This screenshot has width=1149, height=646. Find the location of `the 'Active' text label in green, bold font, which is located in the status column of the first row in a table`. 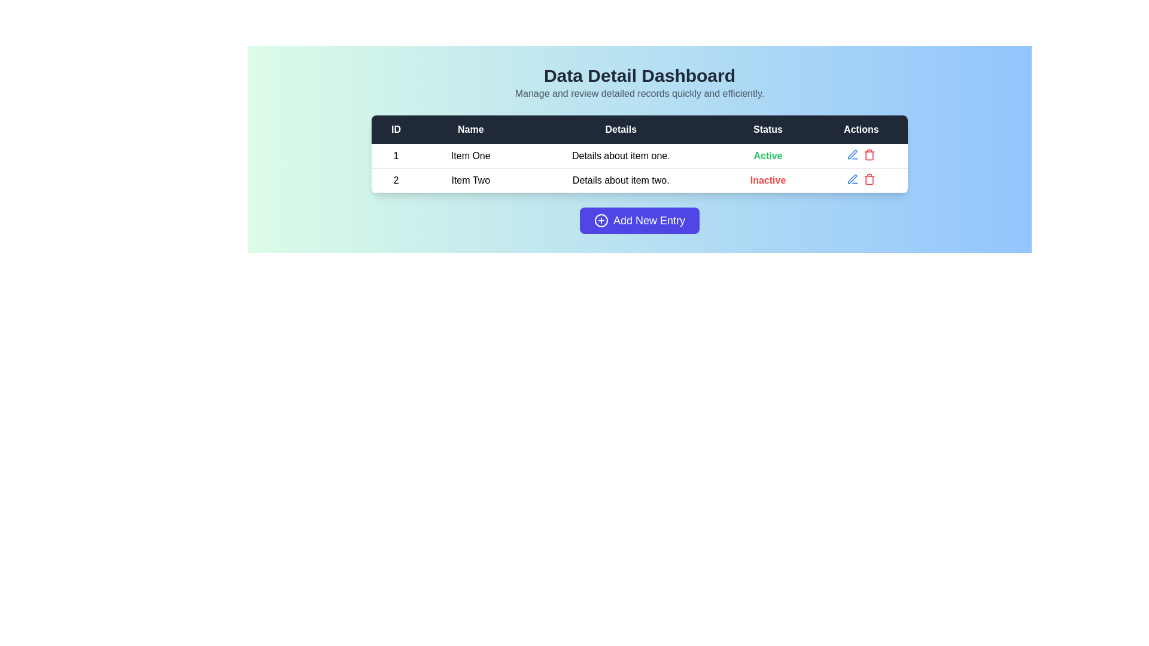

the 'Active' text label in green, bold font, which is located in the status column of the first row in a table is located at coordinates (768, 156).